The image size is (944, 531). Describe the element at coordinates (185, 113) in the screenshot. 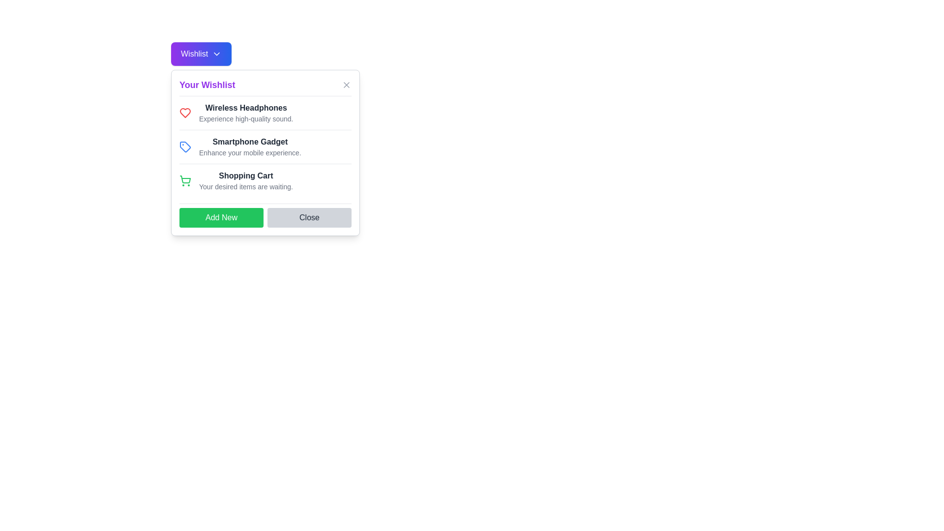

I see `the visual representation of the red heart icon located to the left of the 'Wireless Headphones' text in the wishlist` at that location.